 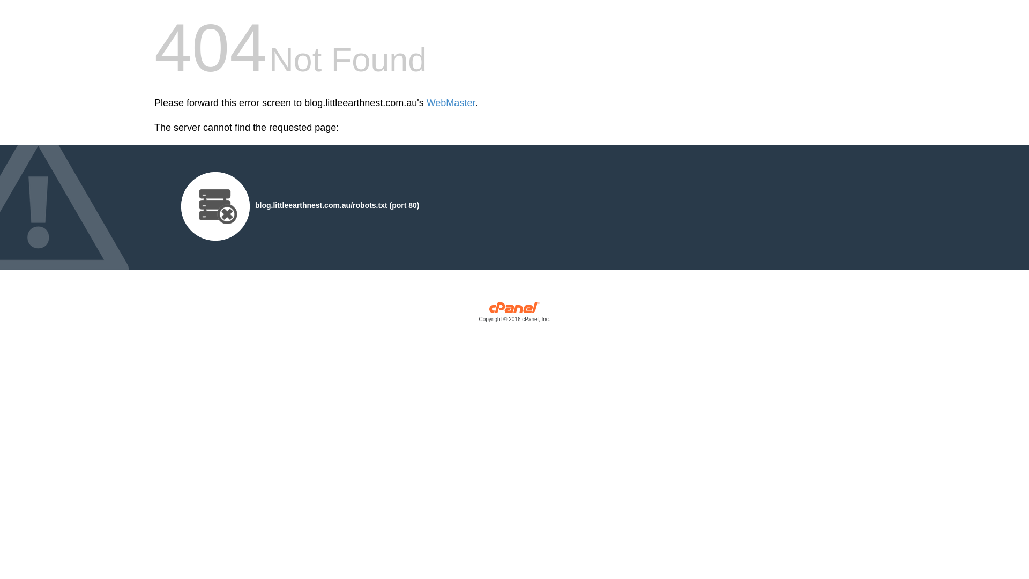 What do you see at coordinates (451, 103) in the screenshot?
I see `'WebMaster'` at bounding box center [451, 103].